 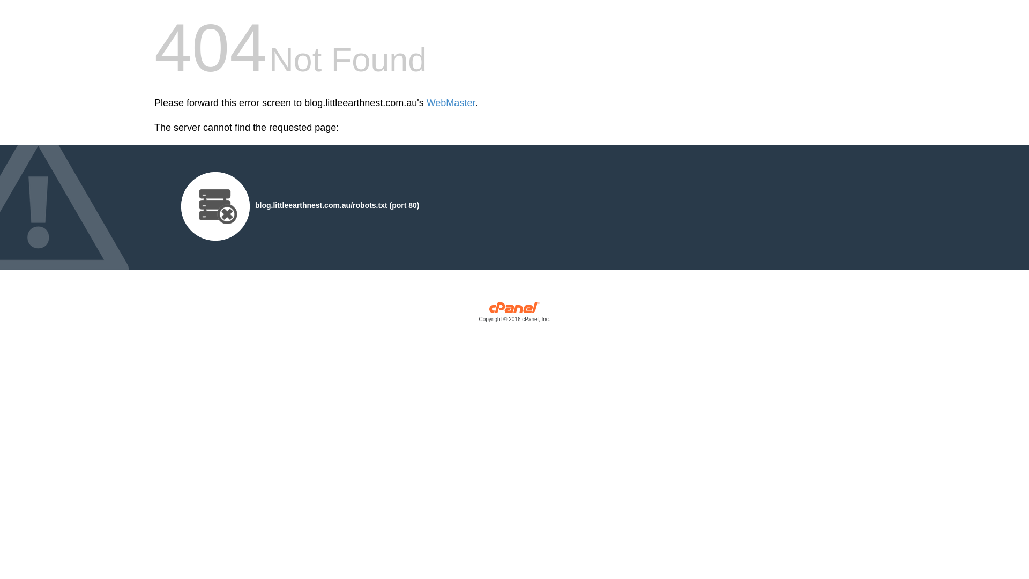 What do you see at coordinates (451, 103) in the screenshot?
I see `'WebMaster'` at bounding box center [451, 103].